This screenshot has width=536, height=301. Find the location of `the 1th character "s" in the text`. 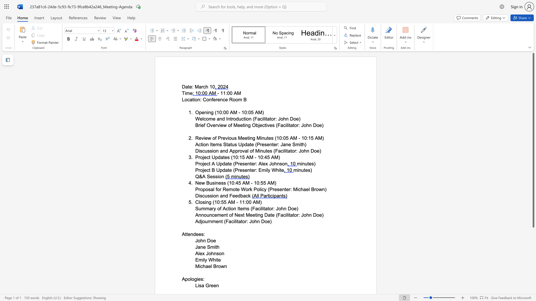

the 1th character "s" in the text is located at coordinates (217, 253).